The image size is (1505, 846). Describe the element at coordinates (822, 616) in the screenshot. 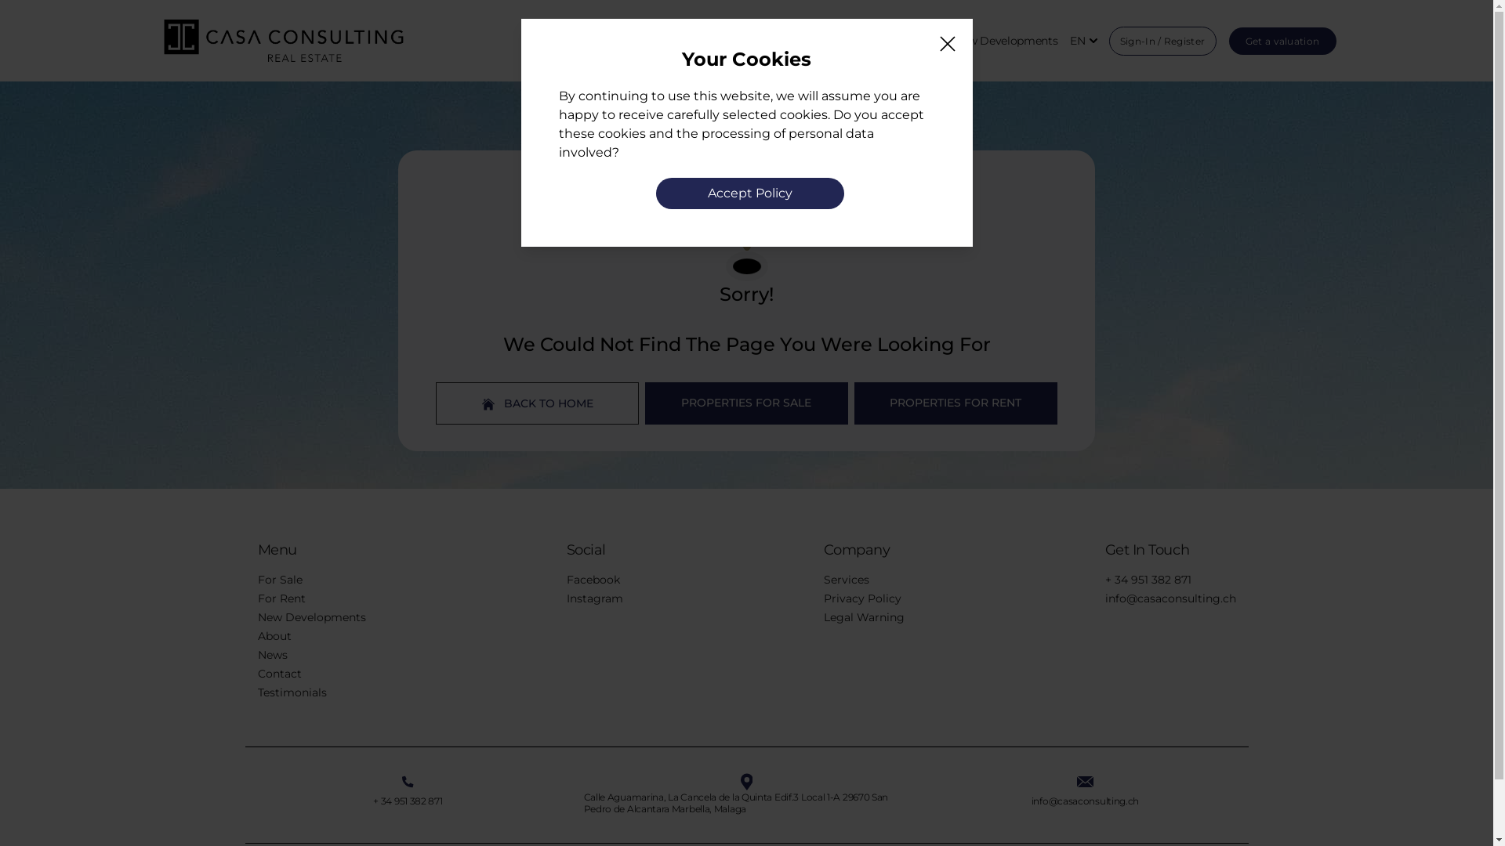

I see `'Legal Warning'` at that location.